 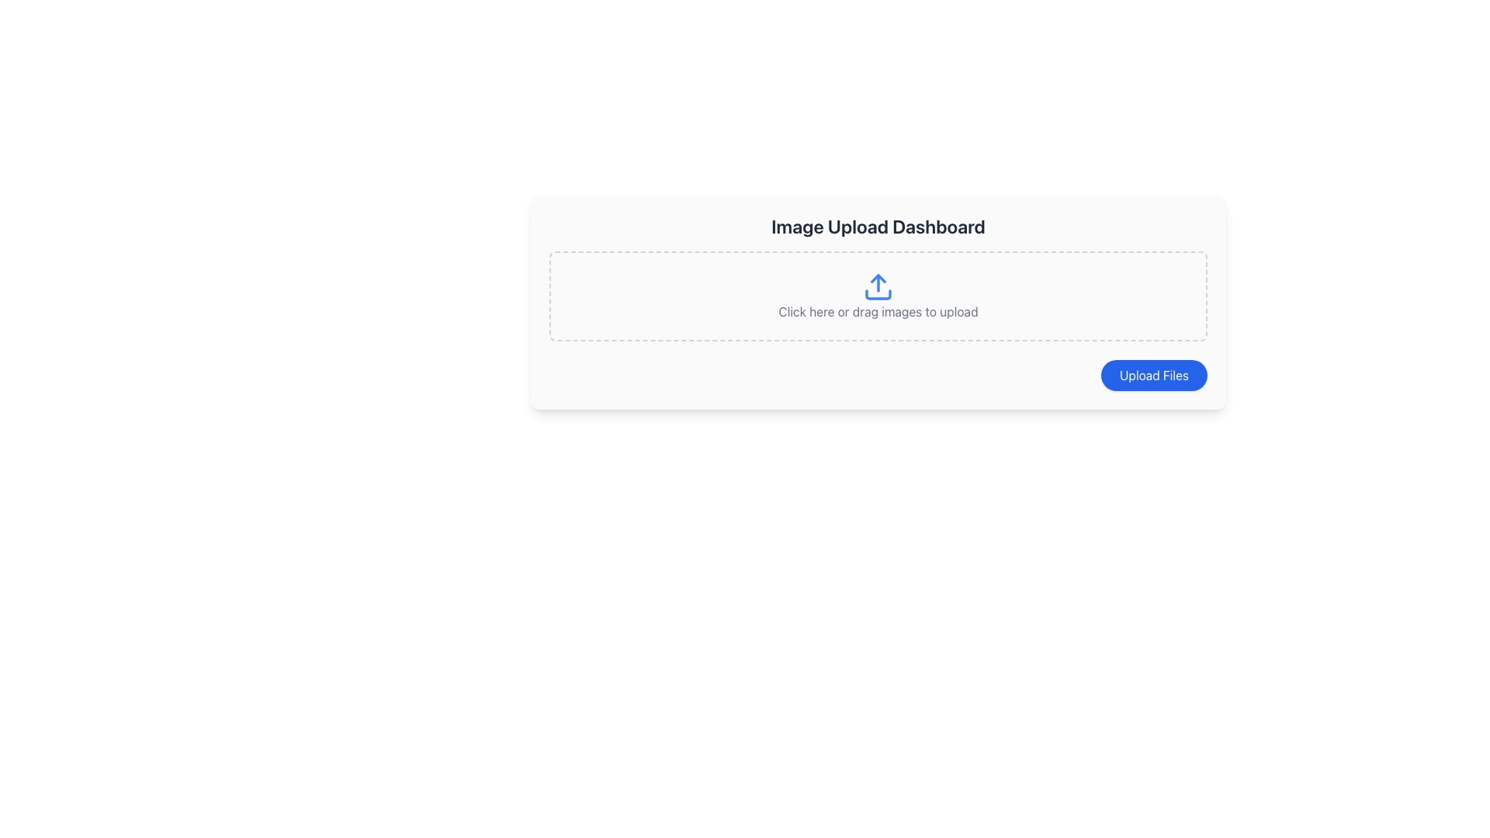 What do you see at coordinates (878, 227) in the screenshot?
I see `text of the primary title label at the top of the image upload section, which provides context for the interface area` at bounding box center [878, 227].